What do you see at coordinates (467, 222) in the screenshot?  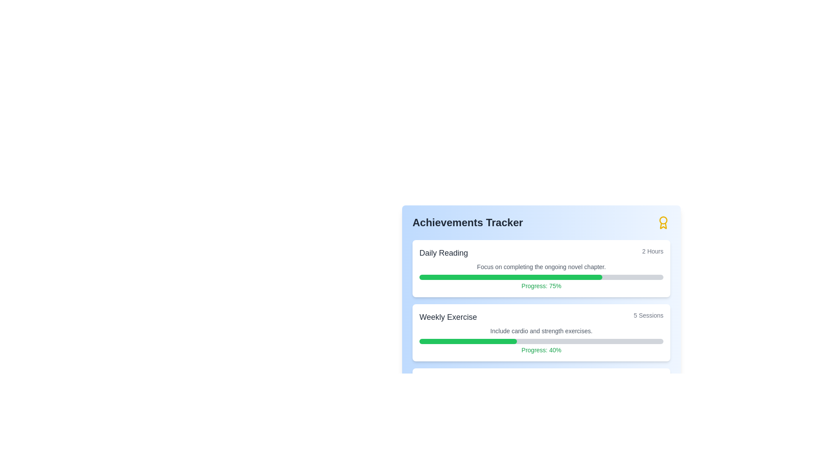 I see `the 'Achievements Tracker' text label, which is prominently displayed at the top of the component and styled with a bold font and dark gray color` at bounding box center [467, 222].